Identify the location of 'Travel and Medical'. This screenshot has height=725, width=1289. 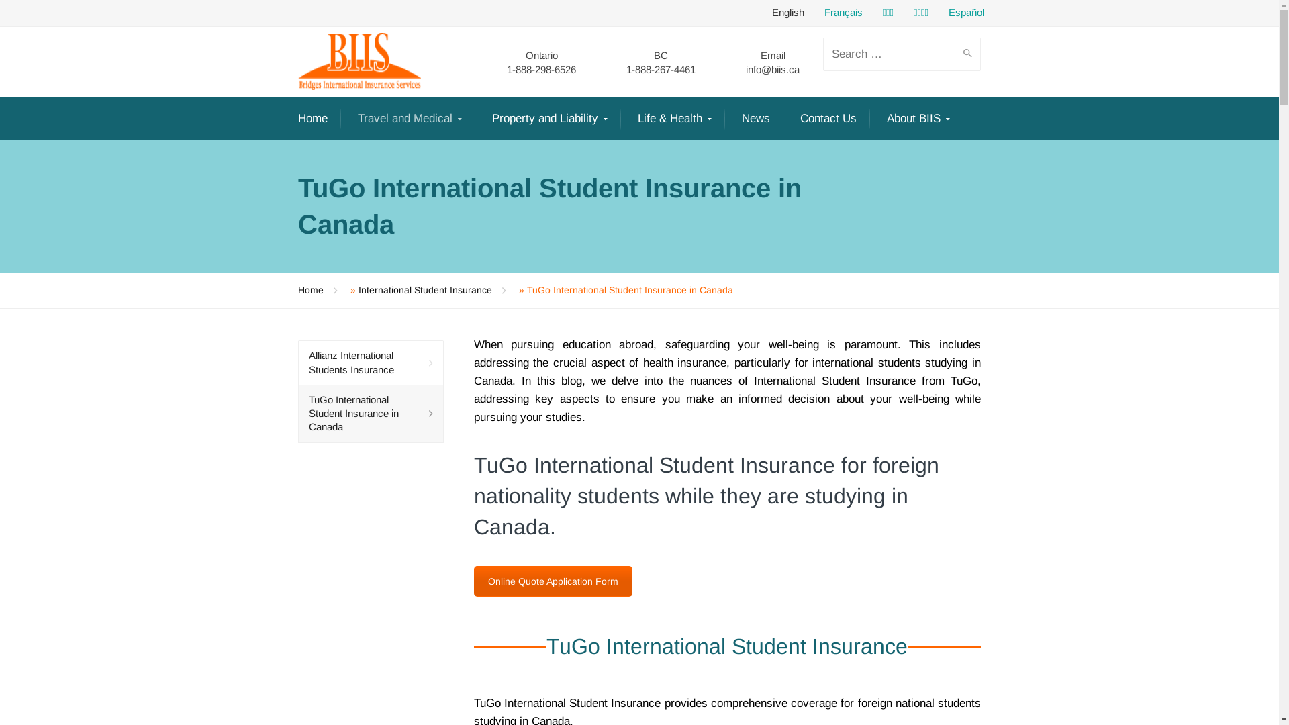
(409, 118).